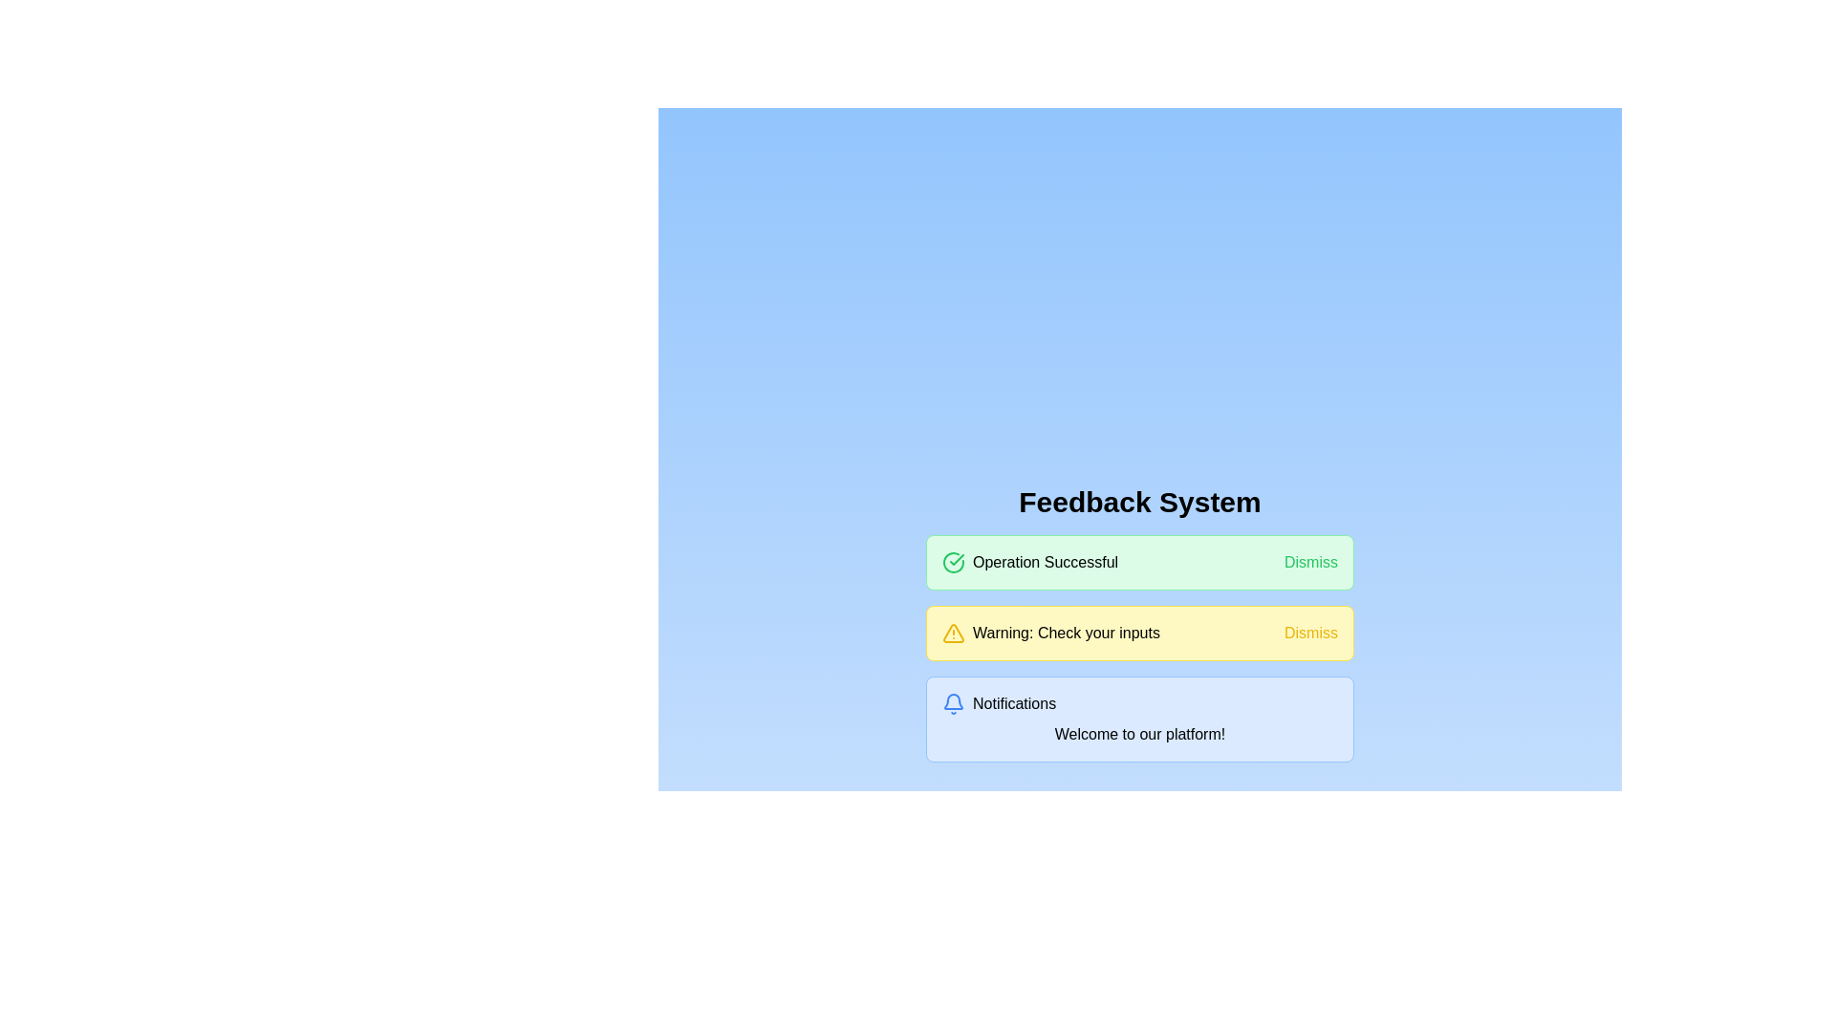 This screenshot has height=1032, width=1835. I want to click on the 'Operation Successful' text label with a green checkmark icon, which is located in the notification box at the top of the notifications list, so click(1029, 562).